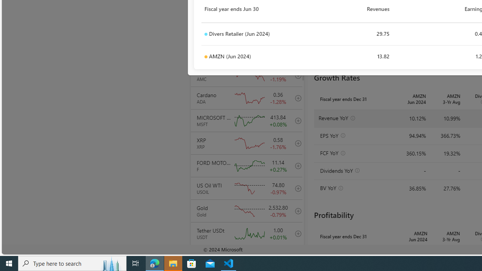 This screenshot has width=482, height=271. Describe the element at coordinates (206, 56) in the screenshot. I see `'Class: symbolDot-DS-EntryPoint1-2'` at that location.